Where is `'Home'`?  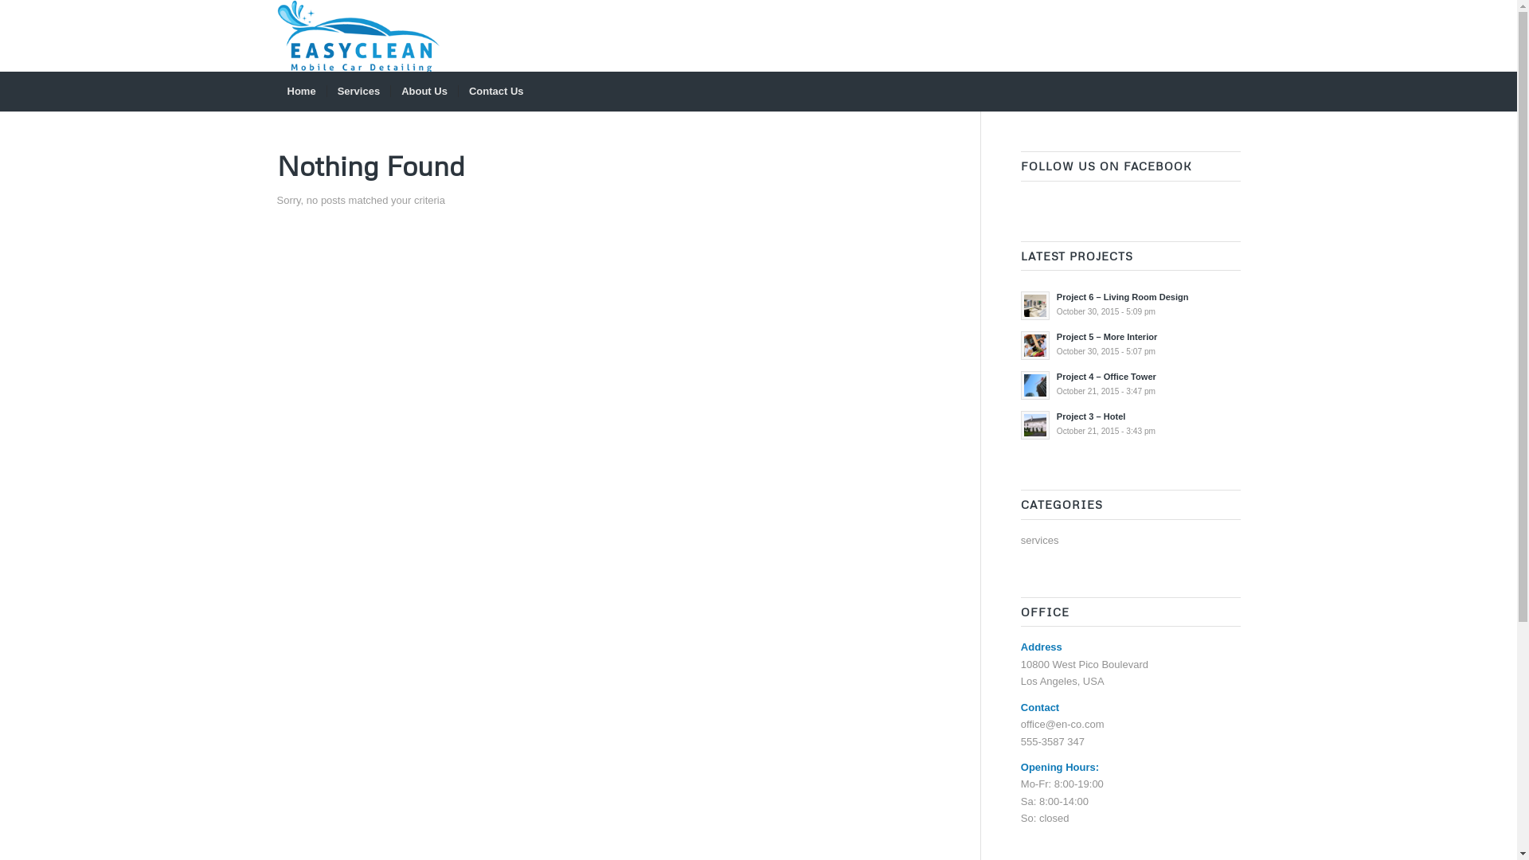
'Home' is located at coordinates (302, 92).